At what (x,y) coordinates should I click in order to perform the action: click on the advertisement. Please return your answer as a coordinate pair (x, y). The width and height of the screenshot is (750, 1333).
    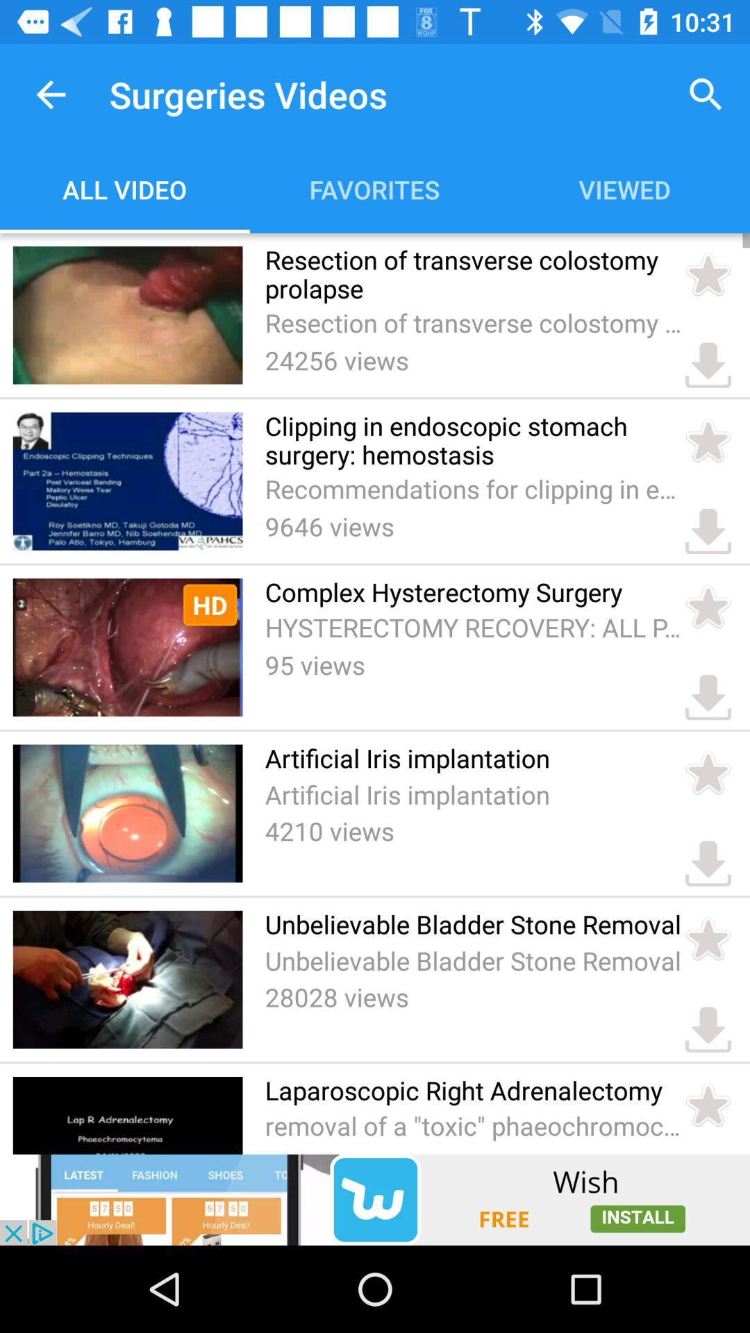
    Looking at the image, I should click on (375, 1199).